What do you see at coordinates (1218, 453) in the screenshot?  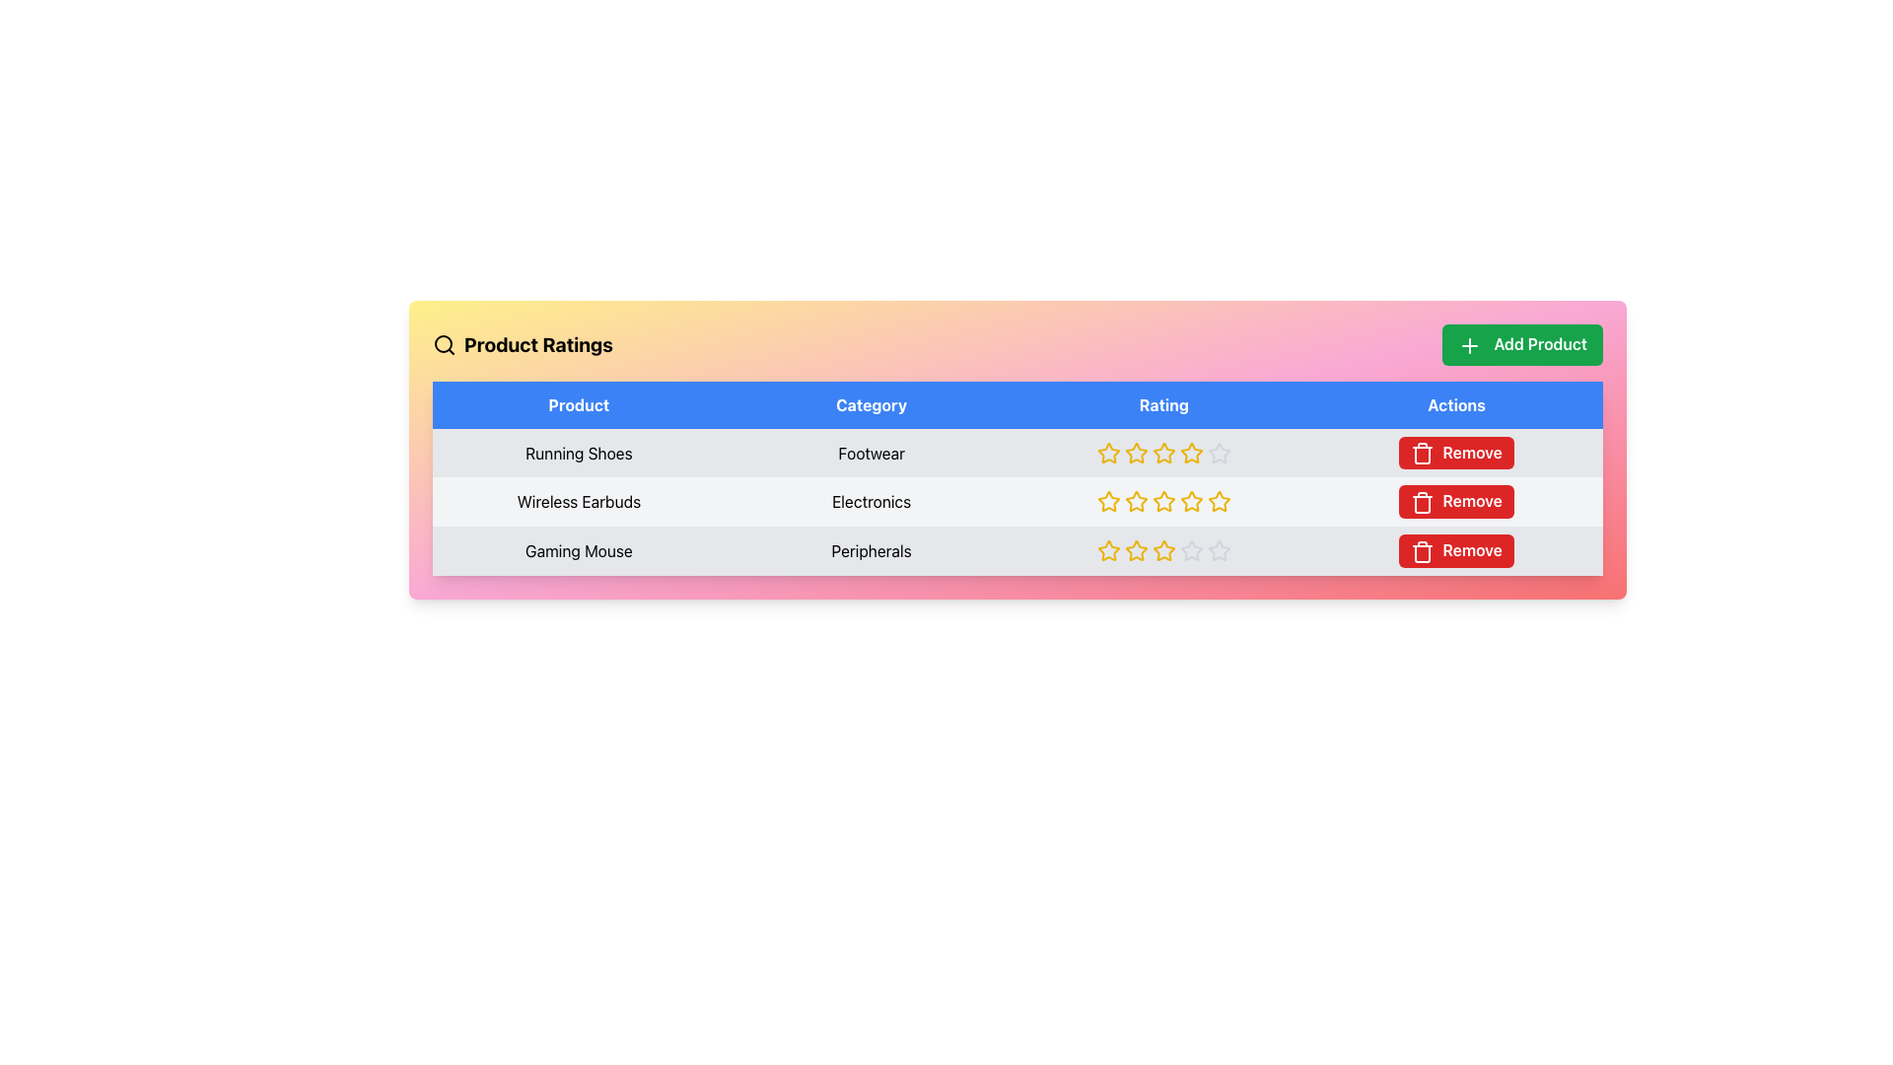 I see `the fifth star in the Ratings column for 'Running Shoes'` at bounding box center [1218, 453].